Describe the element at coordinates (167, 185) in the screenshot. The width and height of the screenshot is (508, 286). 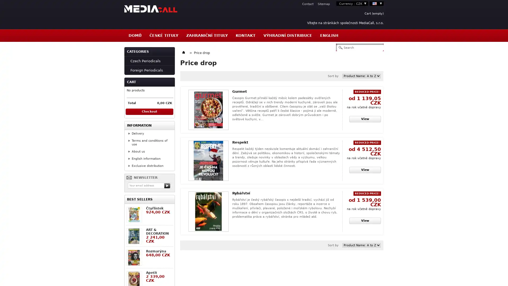
I see `ok` at that location.